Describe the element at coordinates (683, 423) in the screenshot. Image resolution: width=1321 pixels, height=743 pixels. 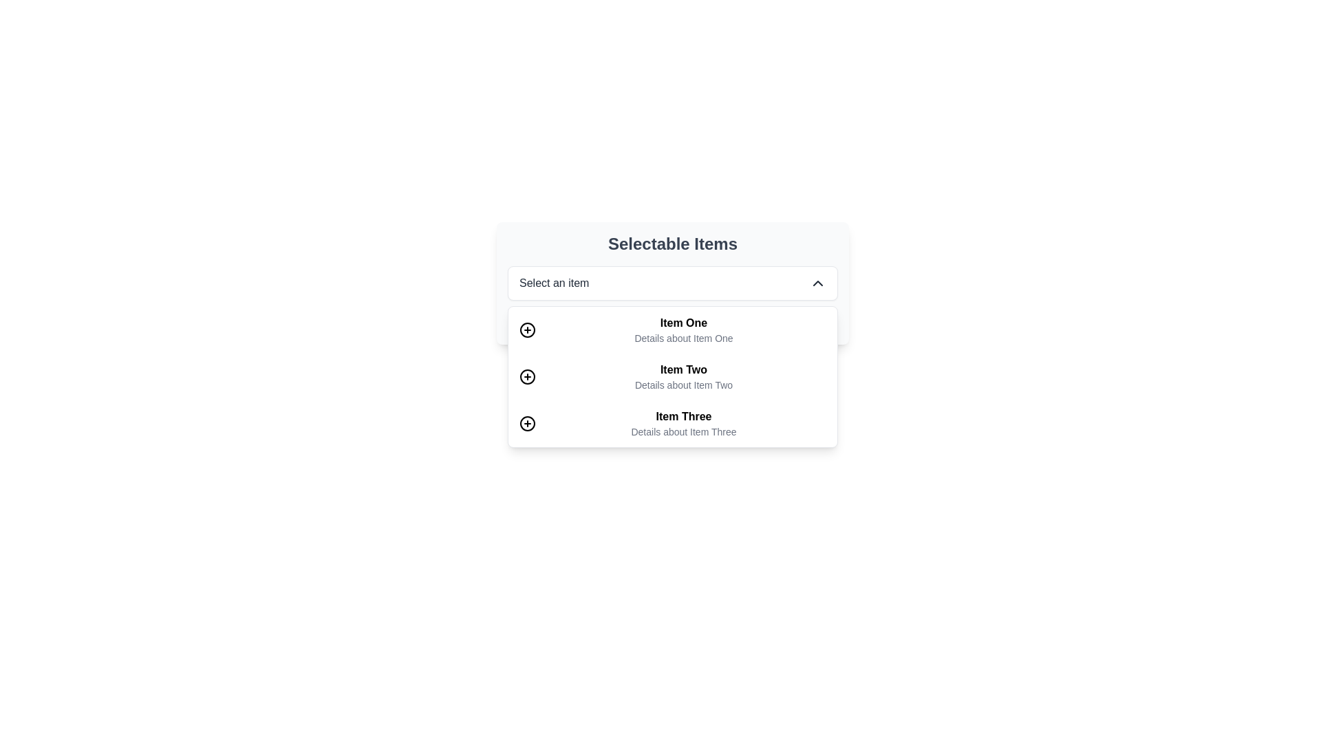
I see `the third selectable item in the dropdown menu, which displays a title and a description` at that location.